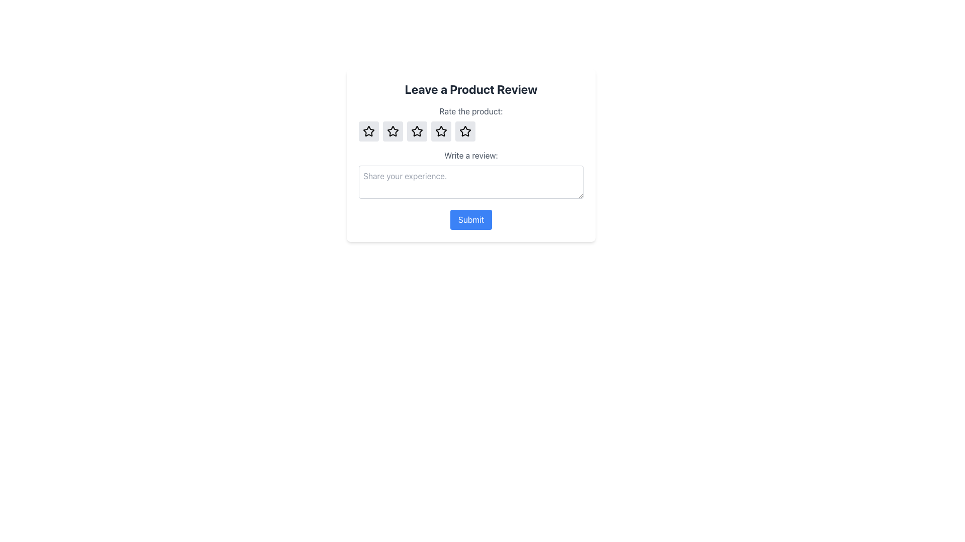 This screenshot has width=965, height=542. Describe the element at coordinates (465, 131) in the screenshot. I see `the fifth star-shaped icon in the row below the 'Rate the product:' text in the 'Leave a Product Review' modal` at that location.